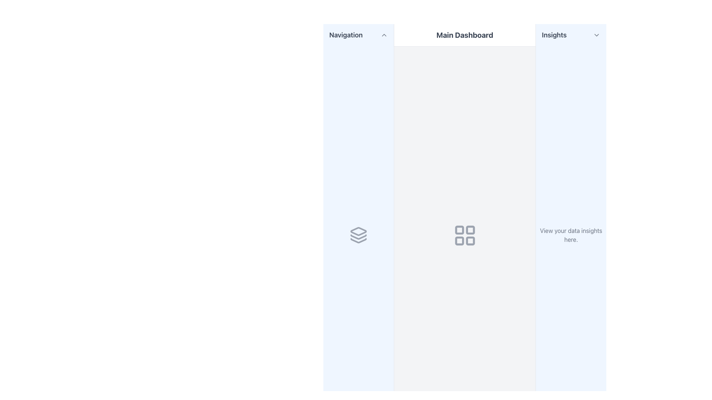  What do you see at coordinates (459, 241) in the screenshot?
I see `the bottom-left graphical square in a 2x2 grid, which has rounded corners and no additional visual indicators or text` at bounding box center [459, 241].